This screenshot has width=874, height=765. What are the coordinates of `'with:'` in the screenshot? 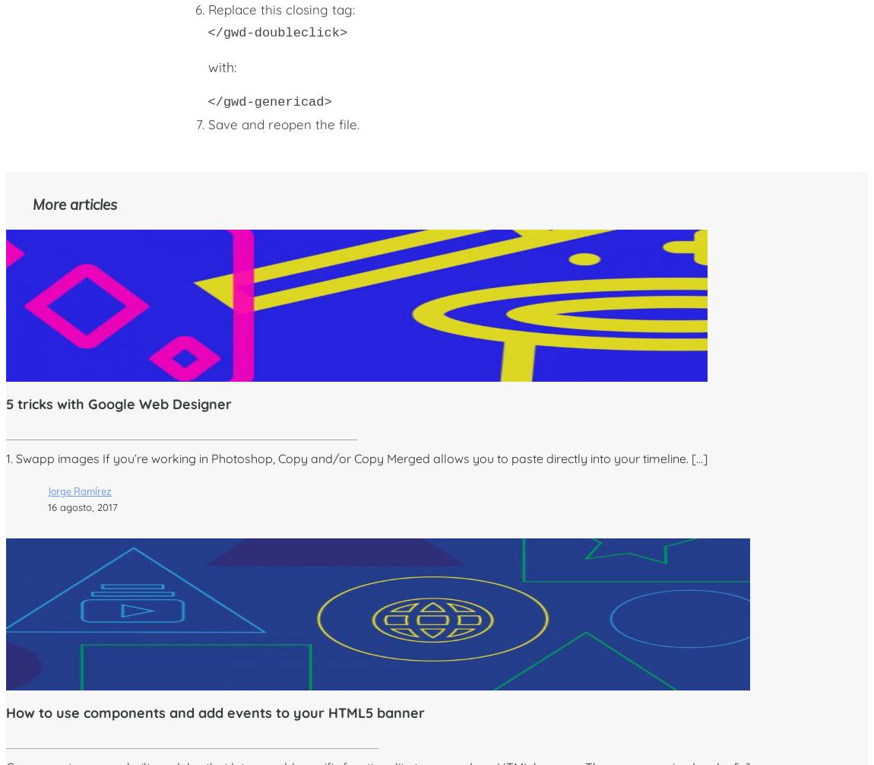 It's located at (207, 66).